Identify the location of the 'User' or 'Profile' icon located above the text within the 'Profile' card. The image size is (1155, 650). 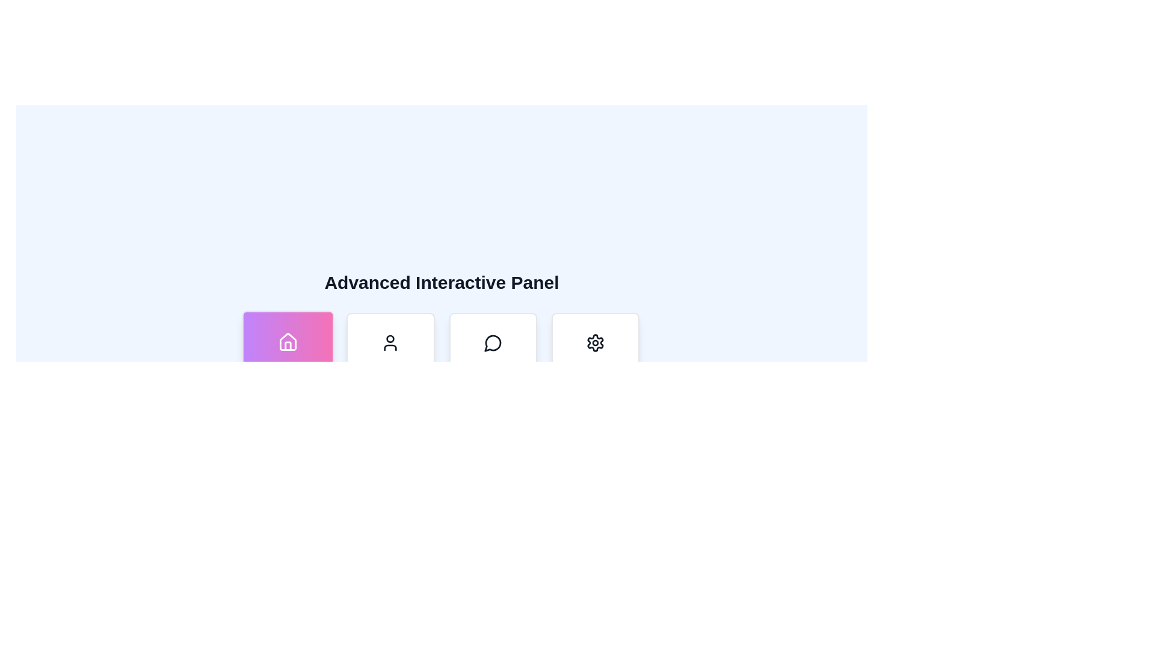
(390, 343).